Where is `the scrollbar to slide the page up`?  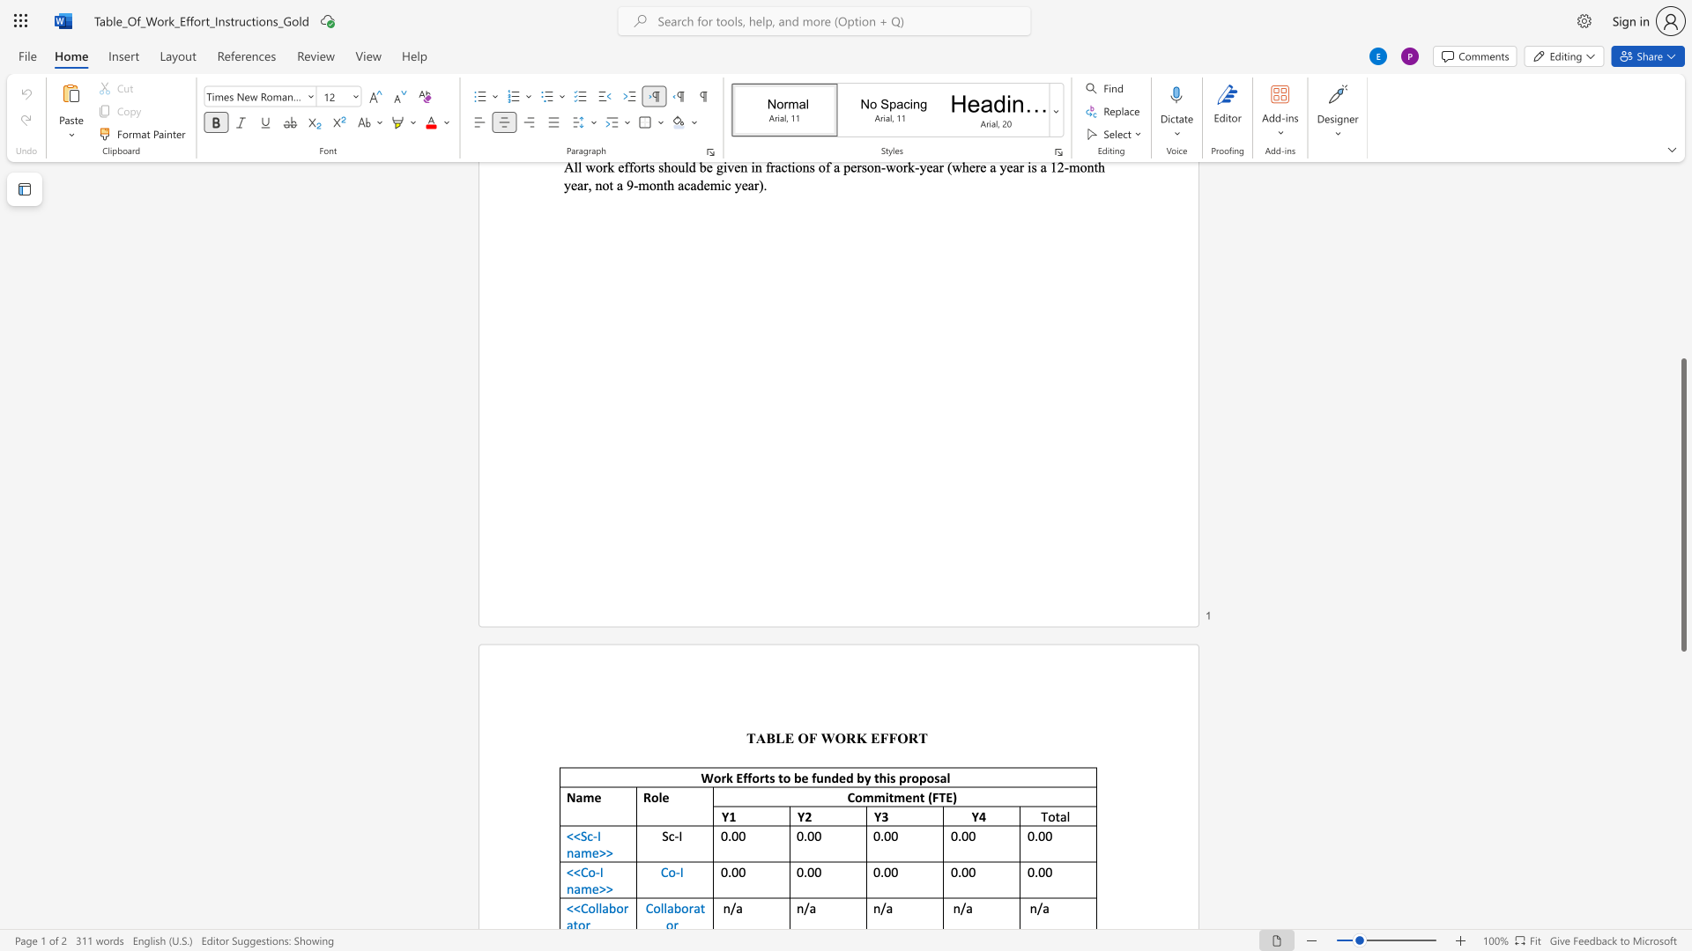
the scrollbar to slide the page up is located at coordinates (1682, 335).